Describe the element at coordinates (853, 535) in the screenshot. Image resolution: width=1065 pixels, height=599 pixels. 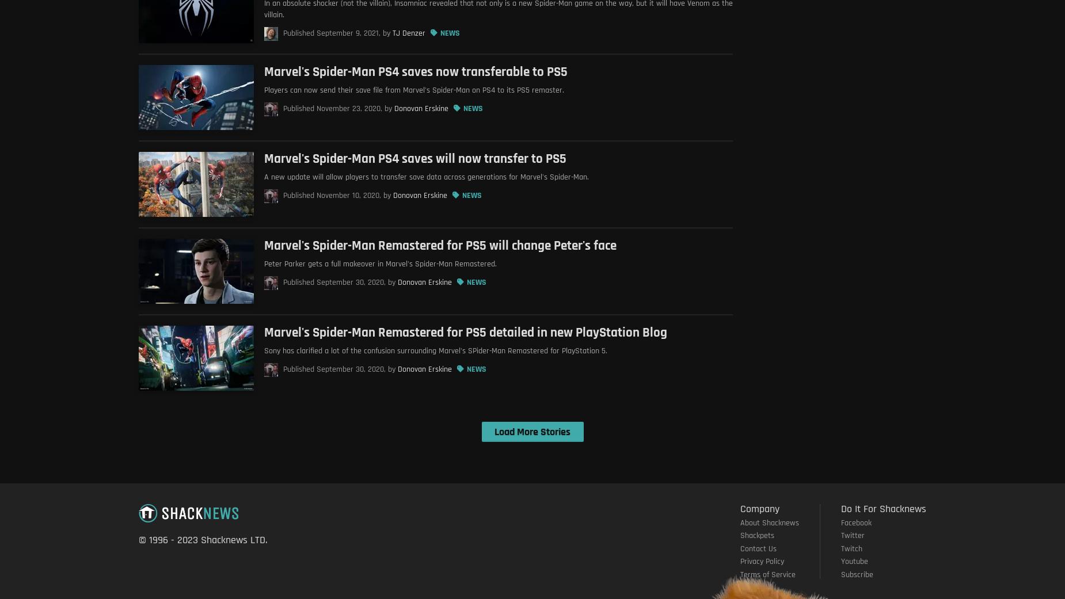
I see `'Twitter'` at that location.